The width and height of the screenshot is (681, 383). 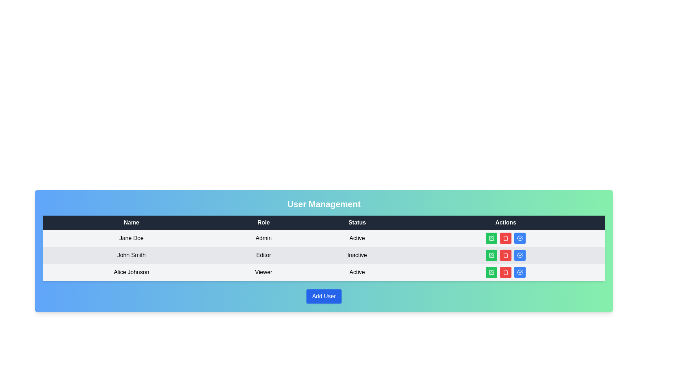 What do you see at coordinates (357, 222) in the screenshot?
I see `the 'Status' text label, which is the third header in the table, styled in white font on a dark background` at bounding box center [357, 222].